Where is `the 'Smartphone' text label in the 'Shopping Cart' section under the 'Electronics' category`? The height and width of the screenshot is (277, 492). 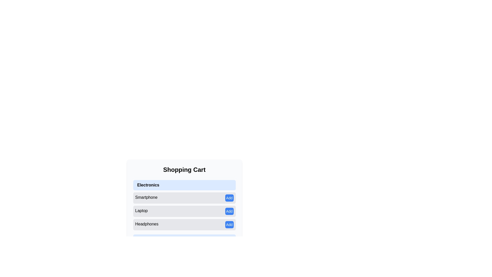
the 'Smartphone' text label in the 'Shopping Cart' section under the 'Electronics' category is located at coordinates (146, 197).